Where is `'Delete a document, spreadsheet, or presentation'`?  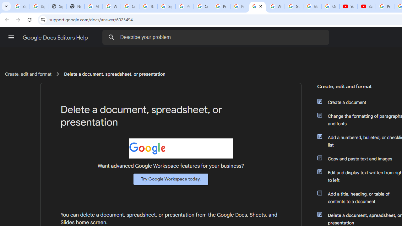 'Delete a document, spreadsheet, or presentation' is located at coordinates (115, 73).